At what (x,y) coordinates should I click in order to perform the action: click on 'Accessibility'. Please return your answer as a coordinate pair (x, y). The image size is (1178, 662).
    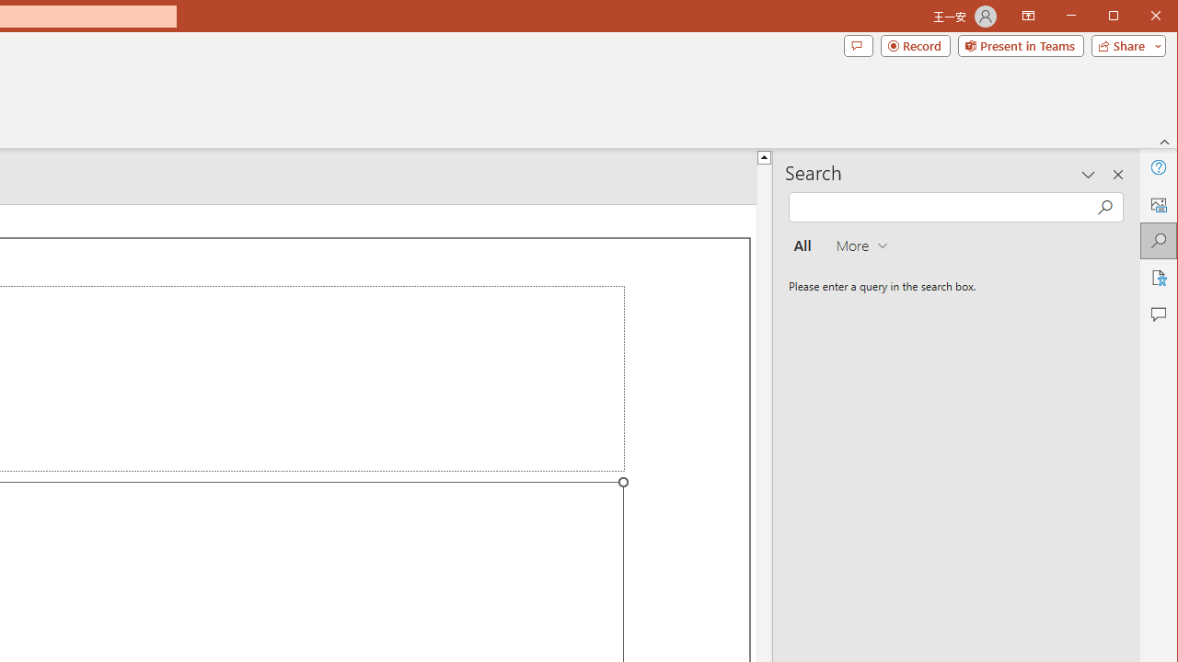
    Looking at the image, I should click on (1157, 278).